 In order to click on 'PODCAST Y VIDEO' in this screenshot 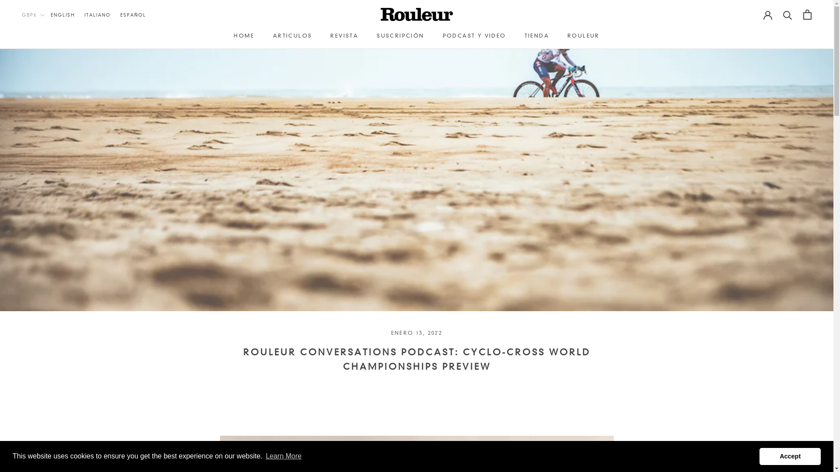, I will do `click(474, 35)`.